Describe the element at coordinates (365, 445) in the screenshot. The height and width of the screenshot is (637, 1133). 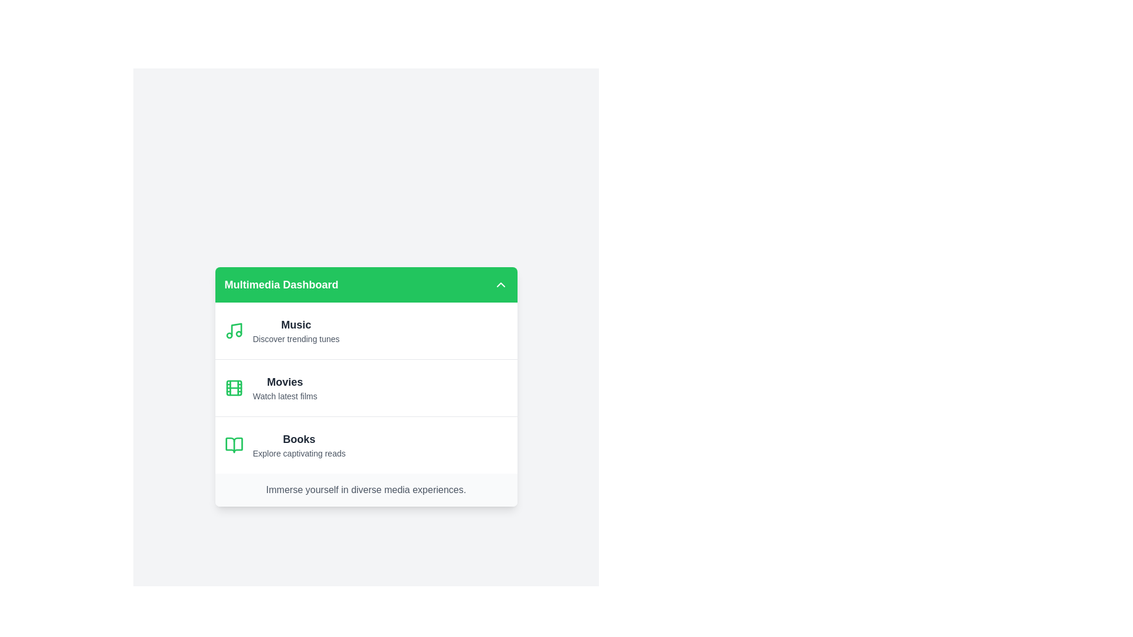
I see `the category Books to explore its content` at that location.